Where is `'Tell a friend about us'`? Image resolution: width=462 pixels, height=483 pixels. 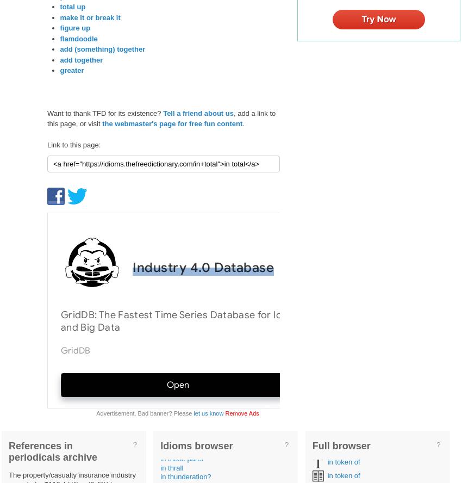 'Tell a friend about us' is located at coordinates (197, 112).